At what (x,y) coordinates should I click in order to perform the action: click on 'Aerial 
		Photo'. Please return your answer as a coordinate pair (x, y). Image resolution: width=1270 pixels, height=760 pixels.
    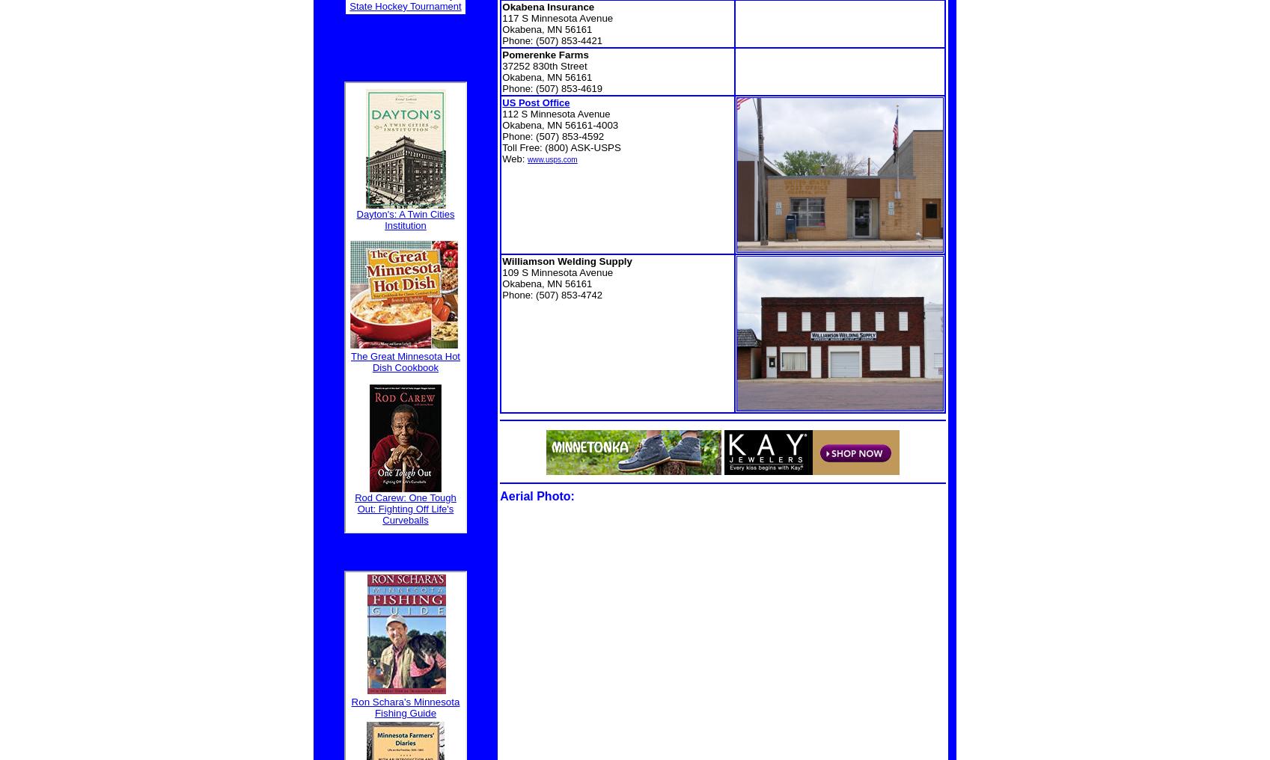
    Looking at the image, I should click on (499, 495).